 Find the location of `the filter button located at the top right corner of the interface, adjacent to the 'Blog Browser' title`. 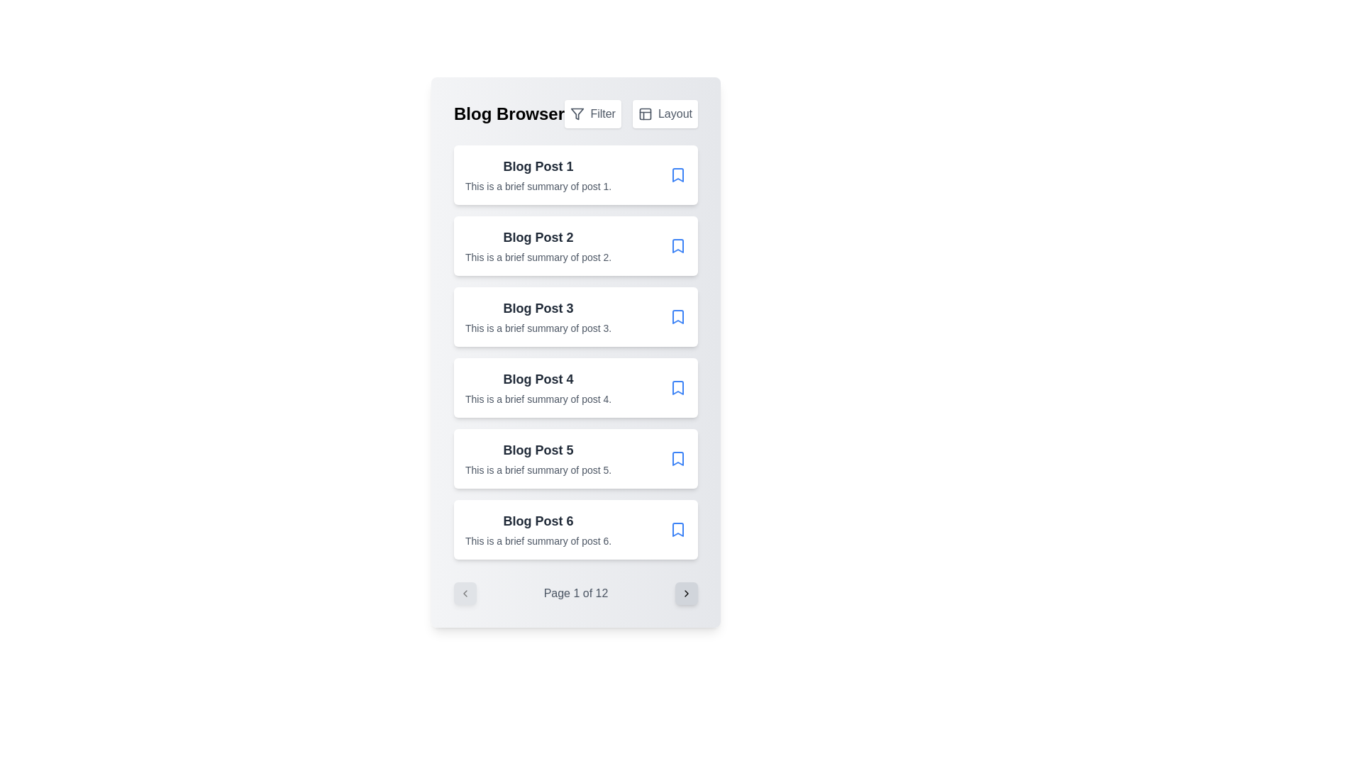

the filter button located at the top right corner of the interface, adjacent to the 'Blog Browser' title is located at coordinates (593, 113).